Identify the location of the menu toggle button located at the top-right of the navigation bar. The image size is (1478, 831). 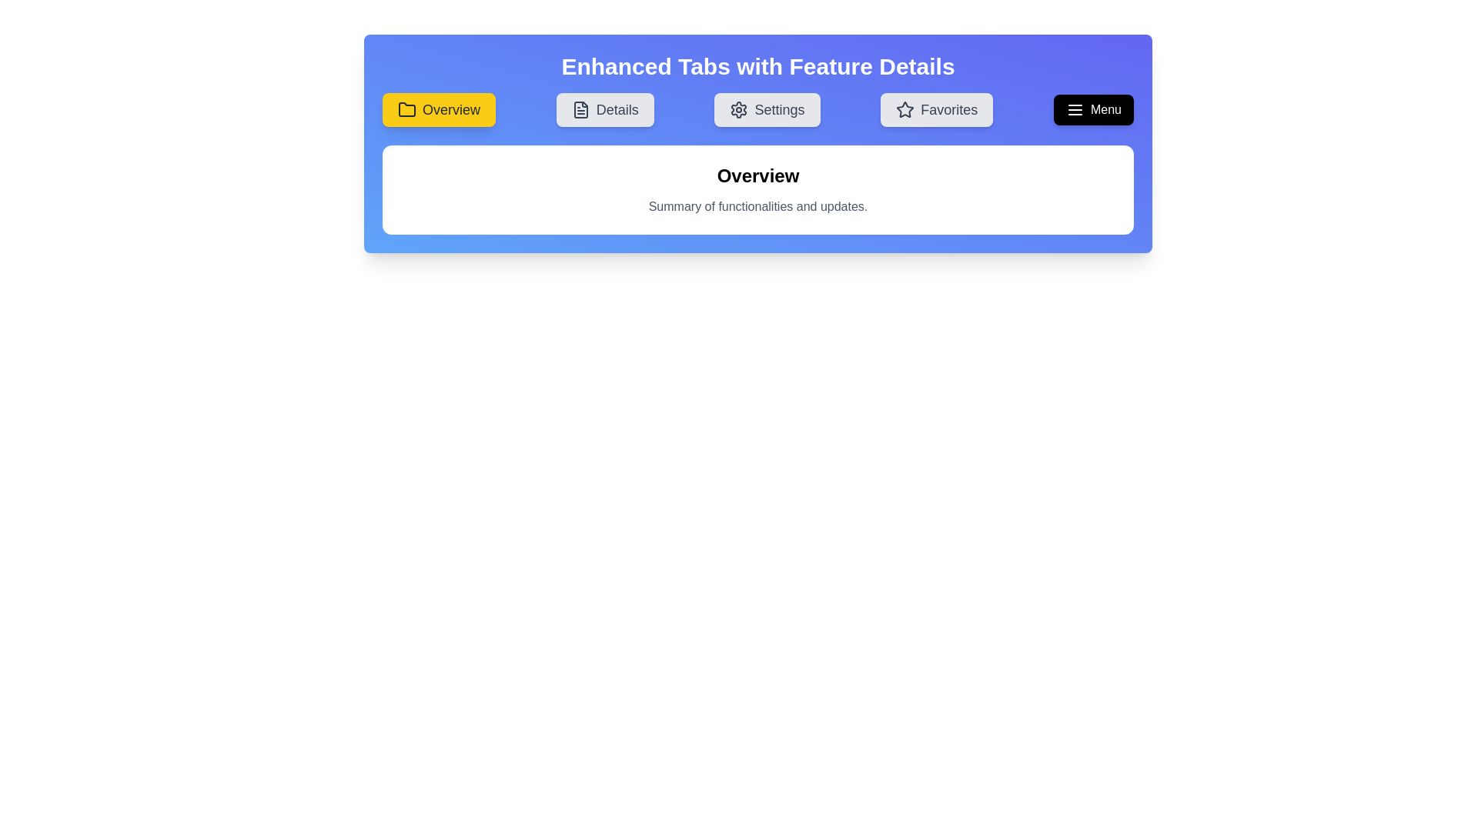
(1092, 108).